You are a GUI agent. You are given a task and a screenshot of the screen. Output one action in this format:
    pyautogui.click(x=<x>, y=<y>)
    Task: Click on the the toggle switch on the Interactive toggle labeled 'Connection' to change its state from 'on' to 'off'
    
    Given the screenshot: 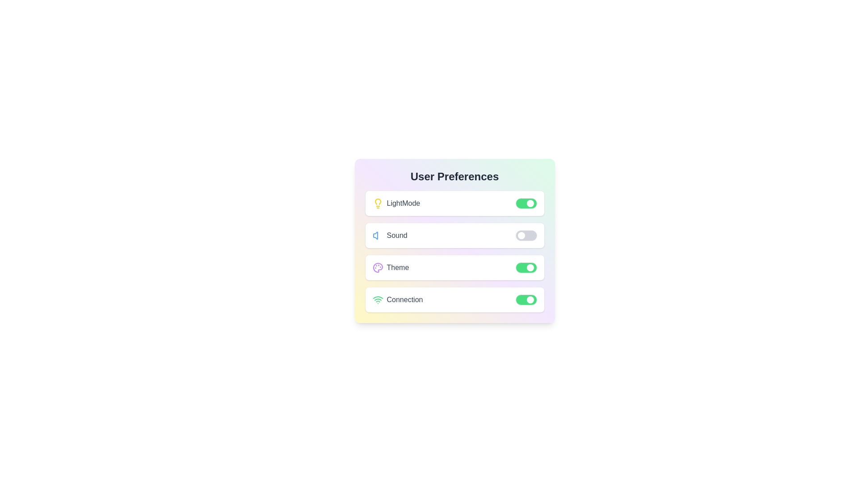 What is the action you would take?
    pyautogui.click(x=454, y=299)
    